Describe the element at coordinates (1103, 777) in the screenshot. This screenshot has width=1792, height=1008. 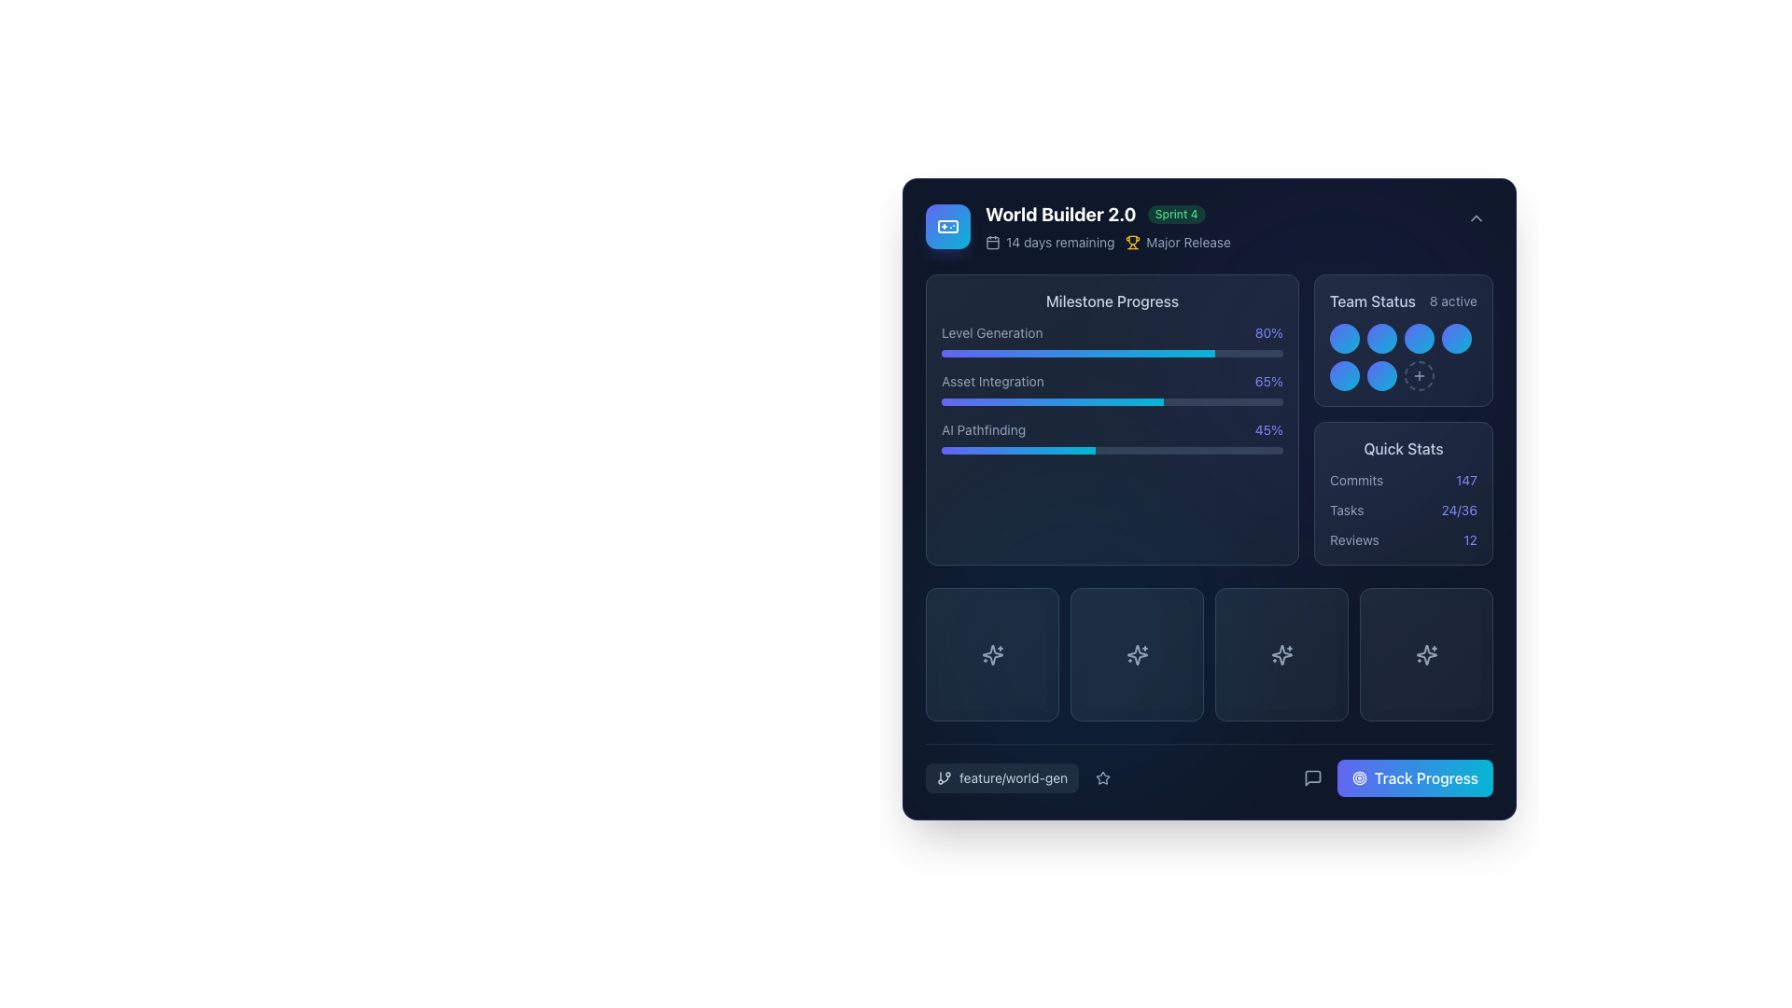
I see `the icon indicating favorites or importance located in the bottom bar of the card-like interface, positioned to the left side adjacent to text labels and other interactive buttons` at that location.